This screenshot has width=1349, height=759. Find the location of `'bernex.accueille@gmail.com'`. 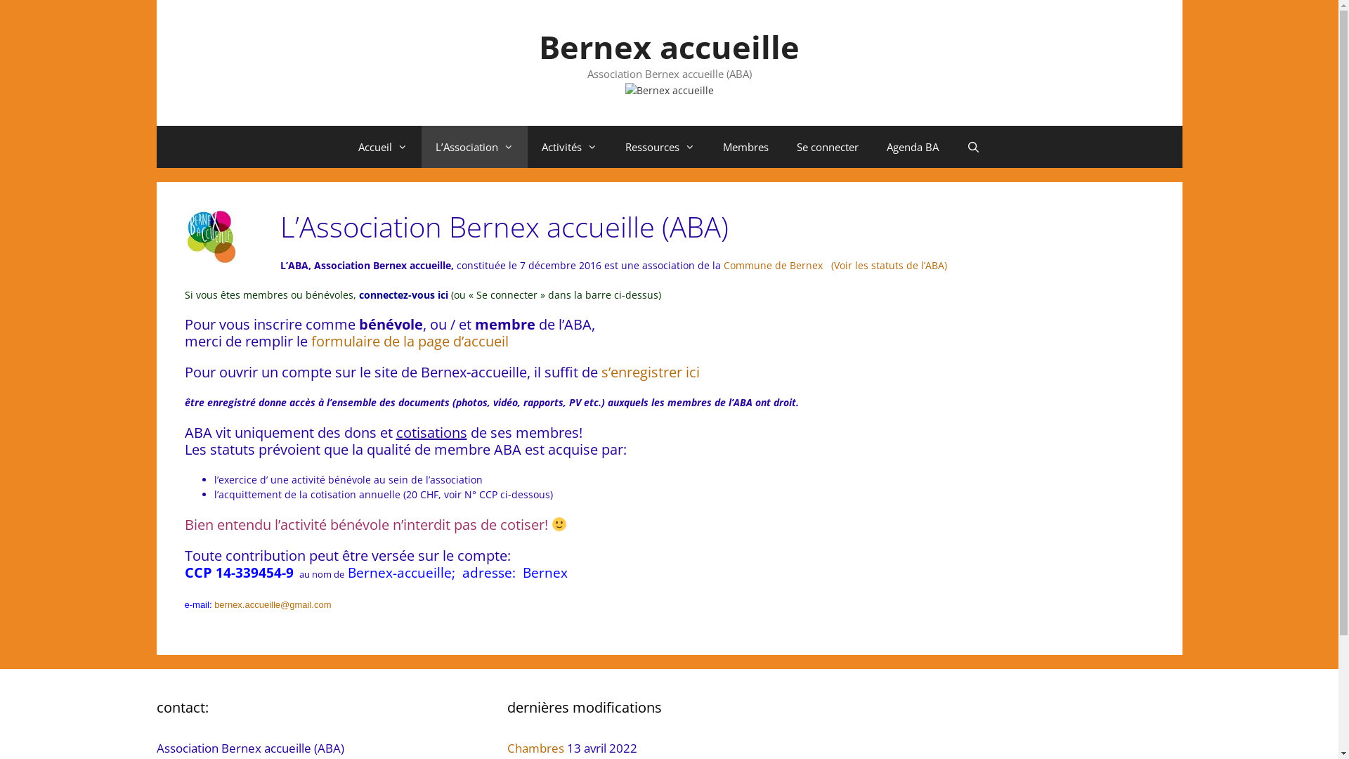

'bernex.accueille@gmail.com' is located at coordinates (273, 604).